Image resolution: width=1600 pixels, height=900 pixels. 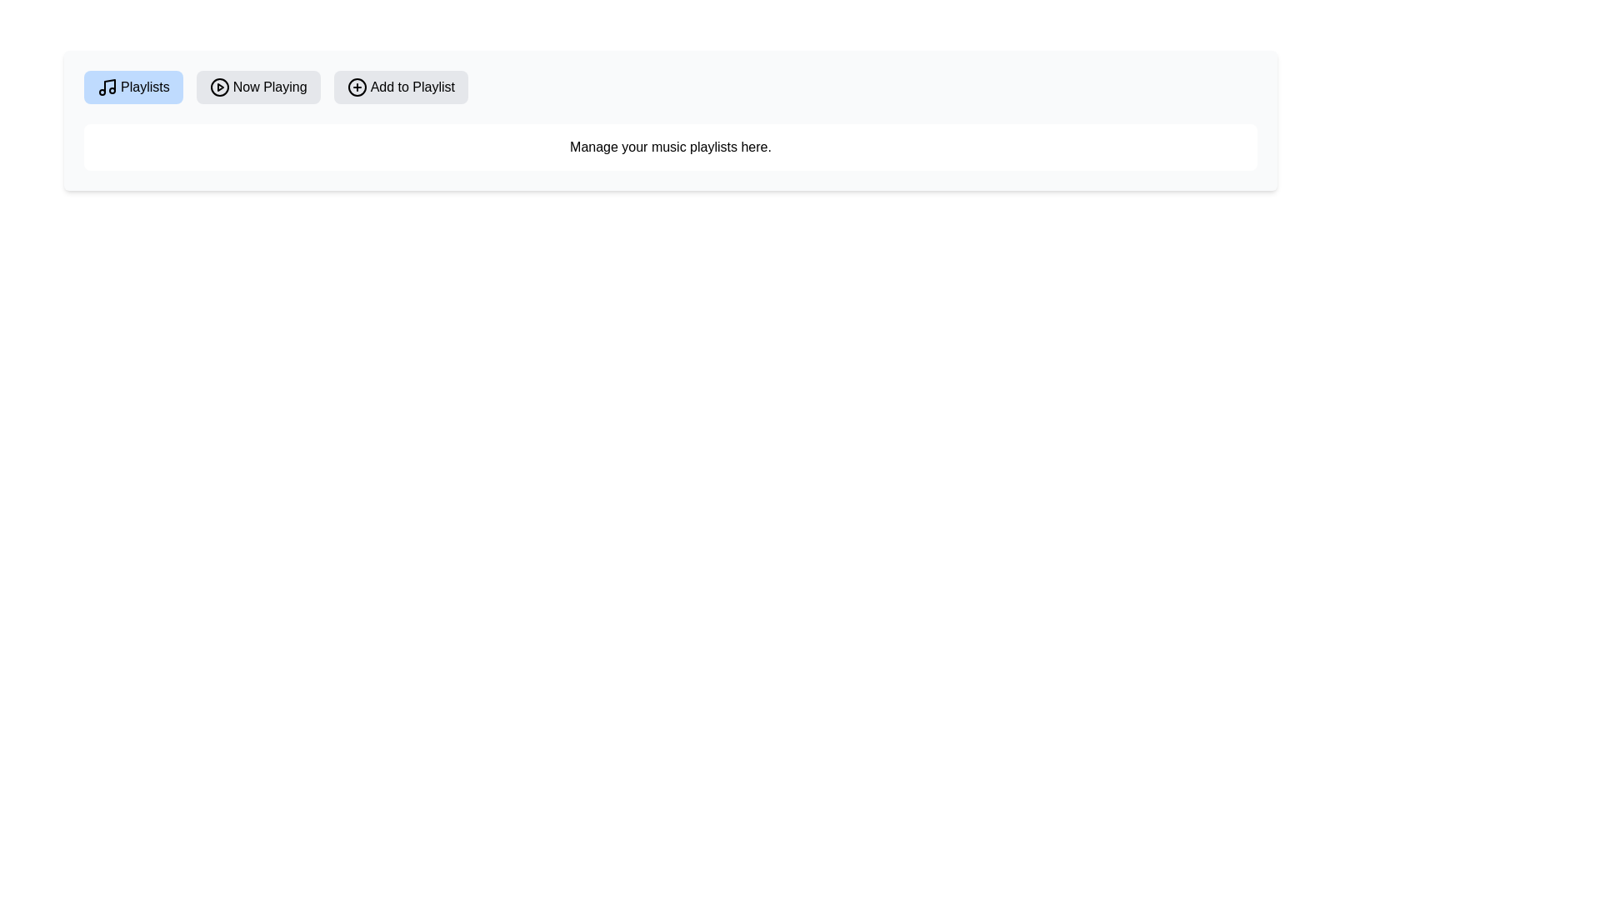 I want to click on the tab labeled Add to Playlist, so click(x=400, y=87).